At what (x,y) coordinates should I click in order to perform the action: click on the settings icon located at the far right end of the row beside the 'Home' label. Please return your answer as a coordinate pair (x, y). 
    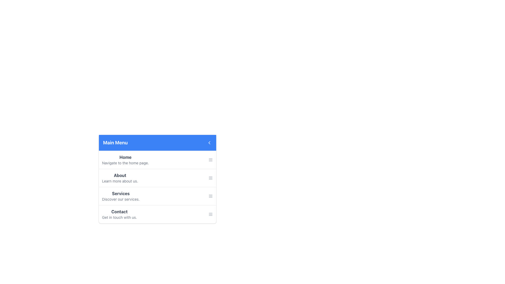
    Looking at the image, I should click on (211, 160).